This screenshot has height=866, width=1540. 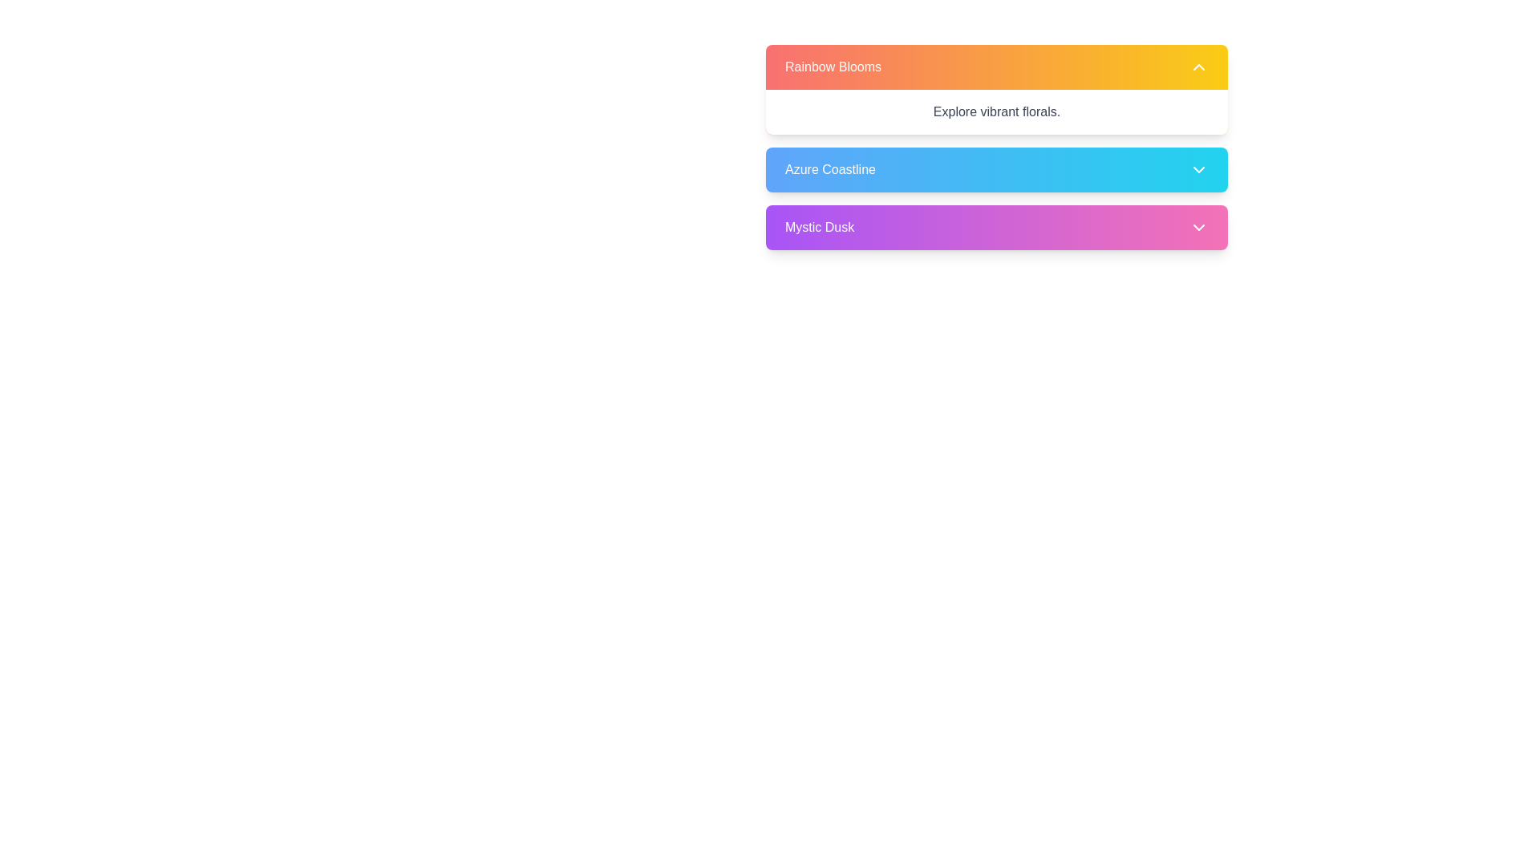 What do you see at coordinates (1198, 67) in the screenshot?
I see `the downward-facing chevron icon button styled with a solid white color and outlined in a yellow background, located at the rightmost side of the 'Rainbow Blooms' header` at bounding box center [1198, 67].